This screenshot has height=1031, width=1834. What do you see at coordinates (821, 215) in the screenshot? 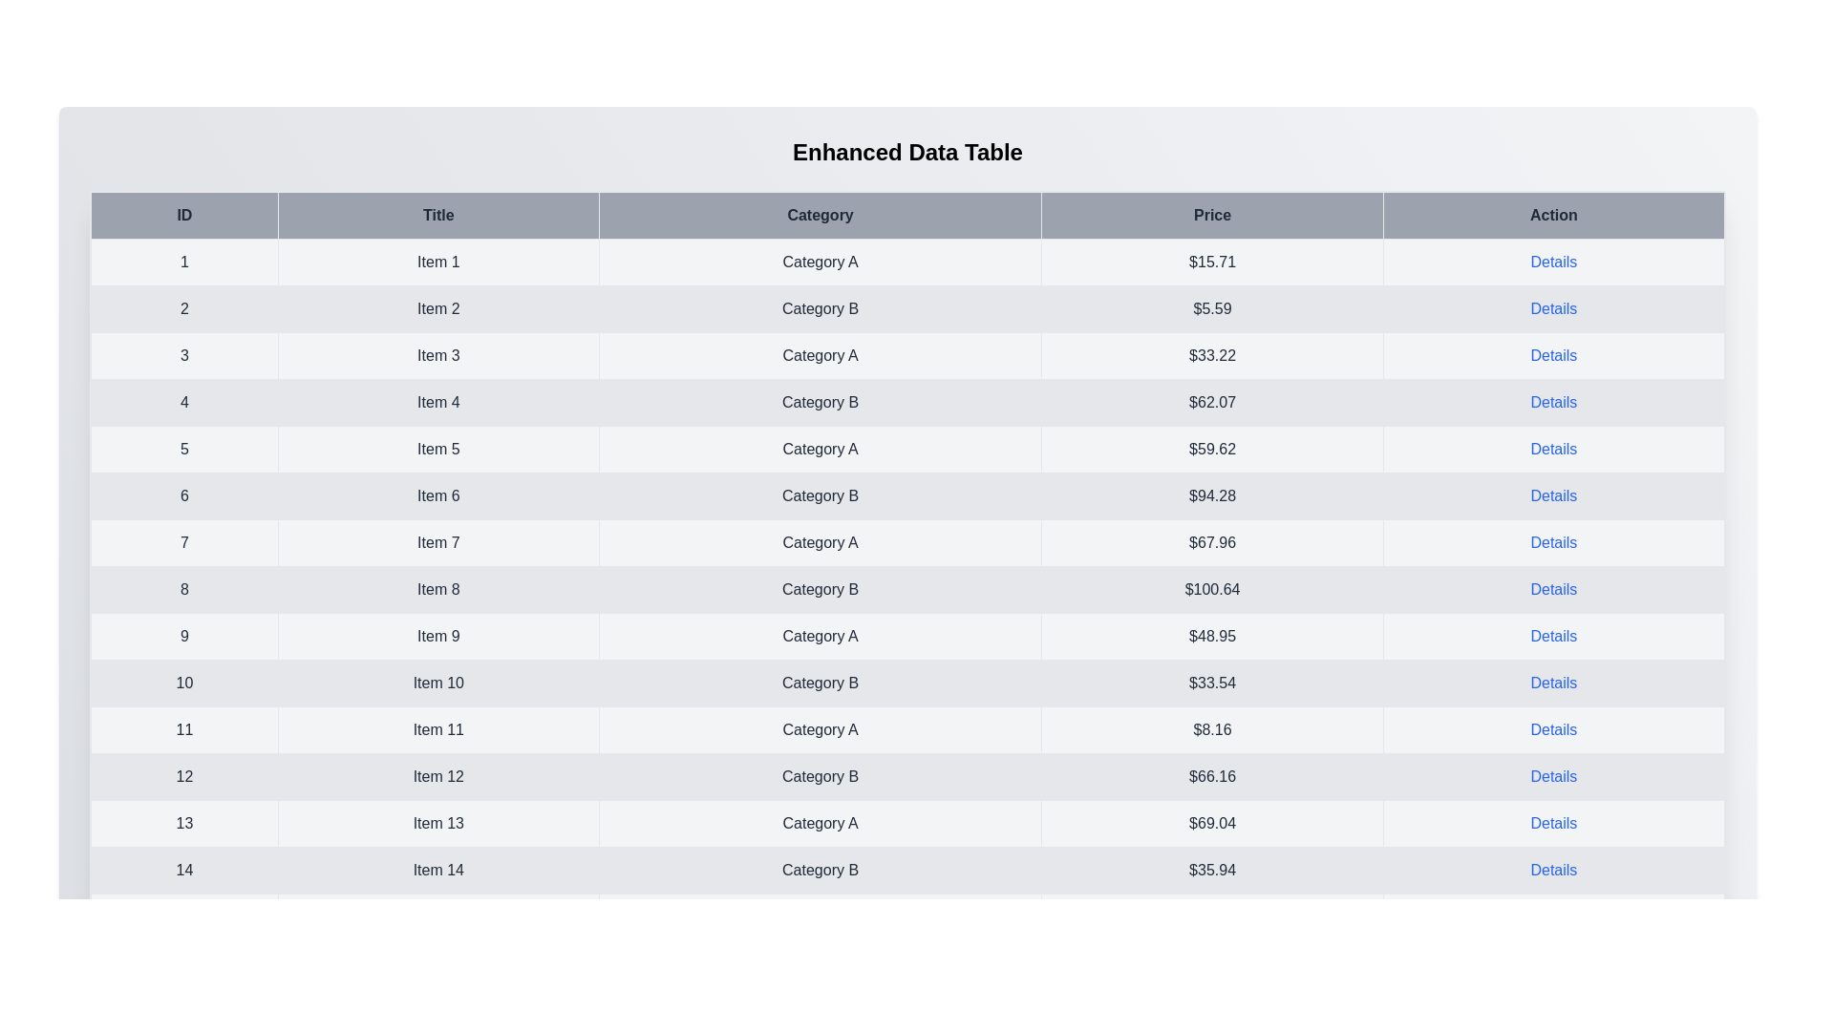
I see `the column header Category to sort the table by that column` at bounding box center [821, 215].